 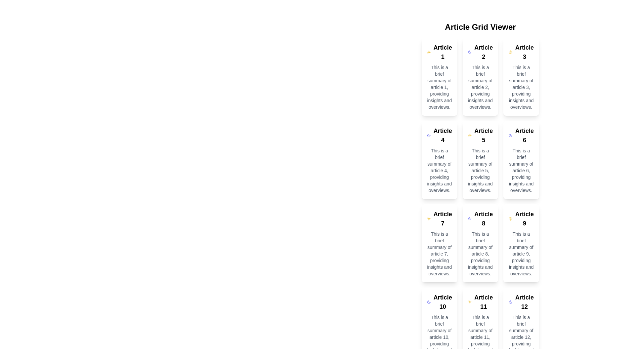 What do you see at coordinates (480, 253) in the screenshot?
I see `the text block that provides a summary or description for 'Article 8', located below the title and to the right of a small moon icon` at bounding box center [480, 253].